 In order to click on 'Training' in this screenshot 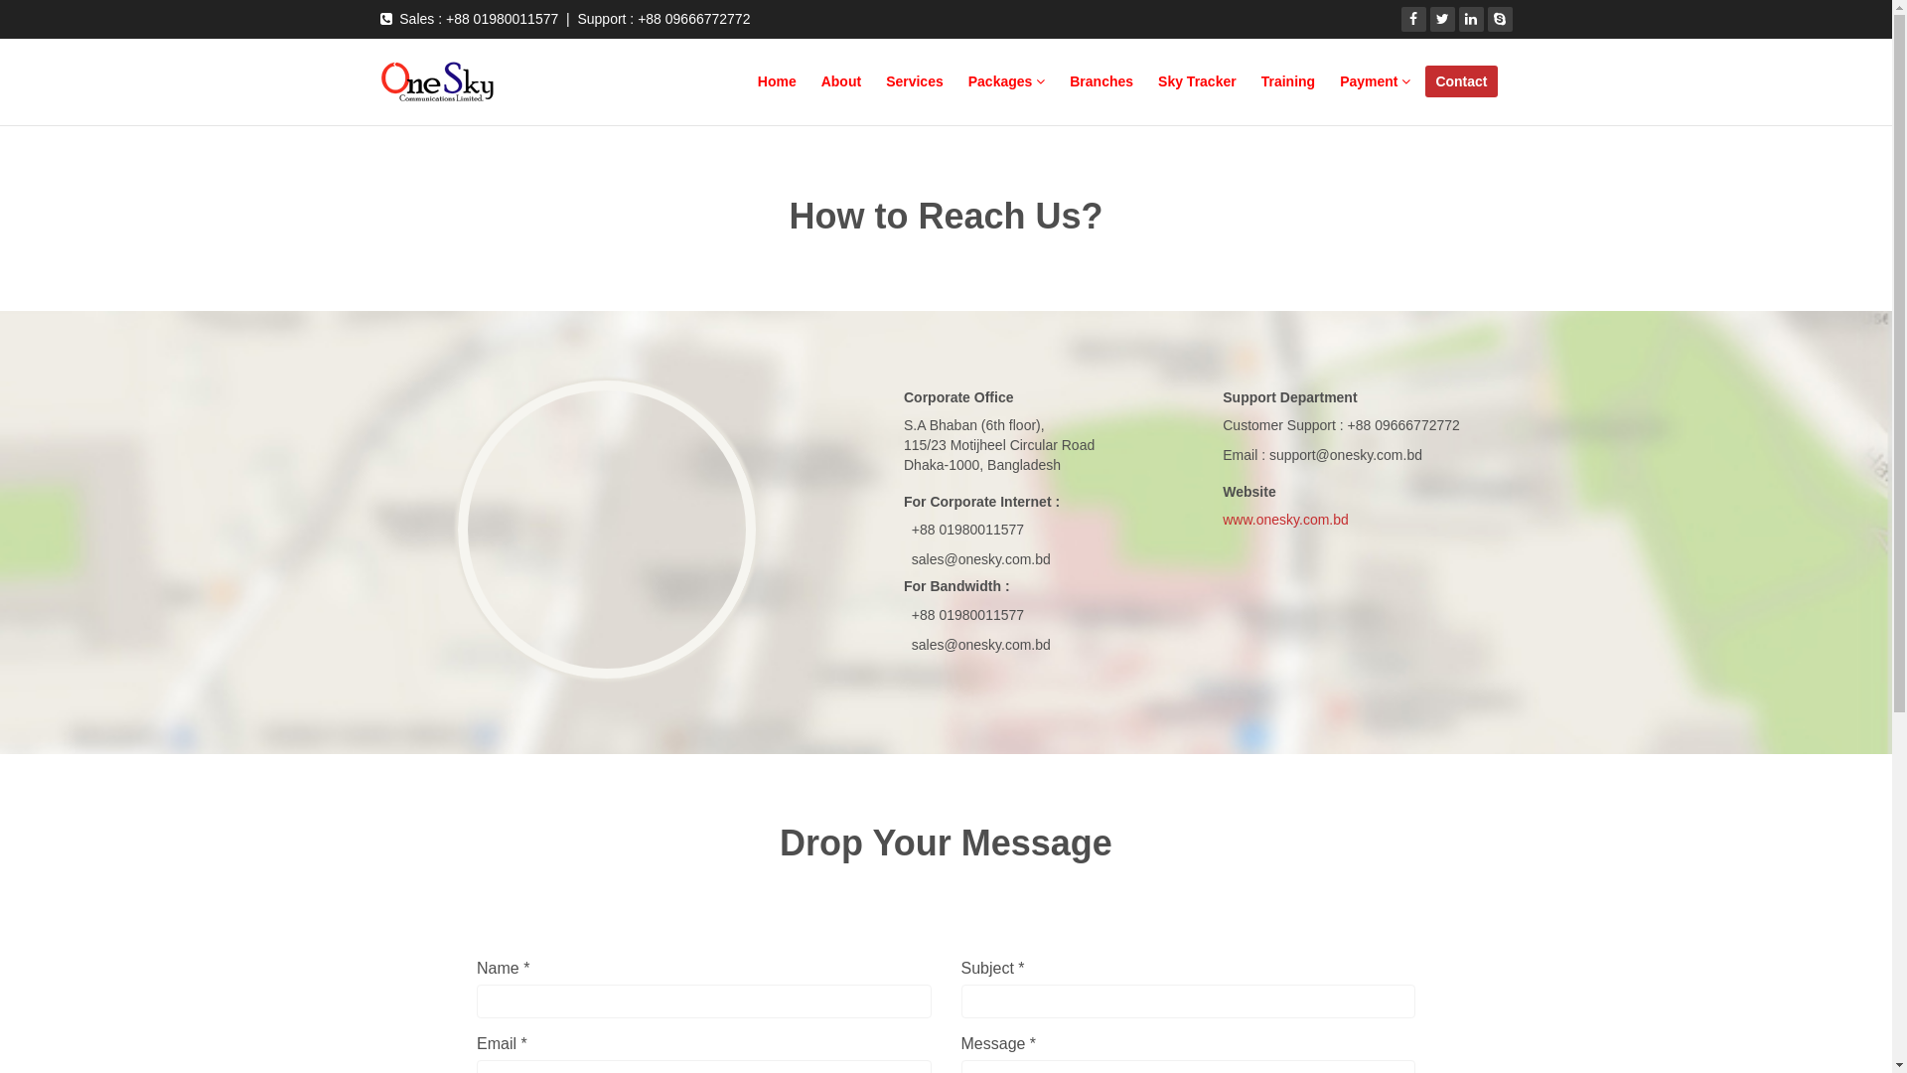, I will do `click(1287, 79)`.